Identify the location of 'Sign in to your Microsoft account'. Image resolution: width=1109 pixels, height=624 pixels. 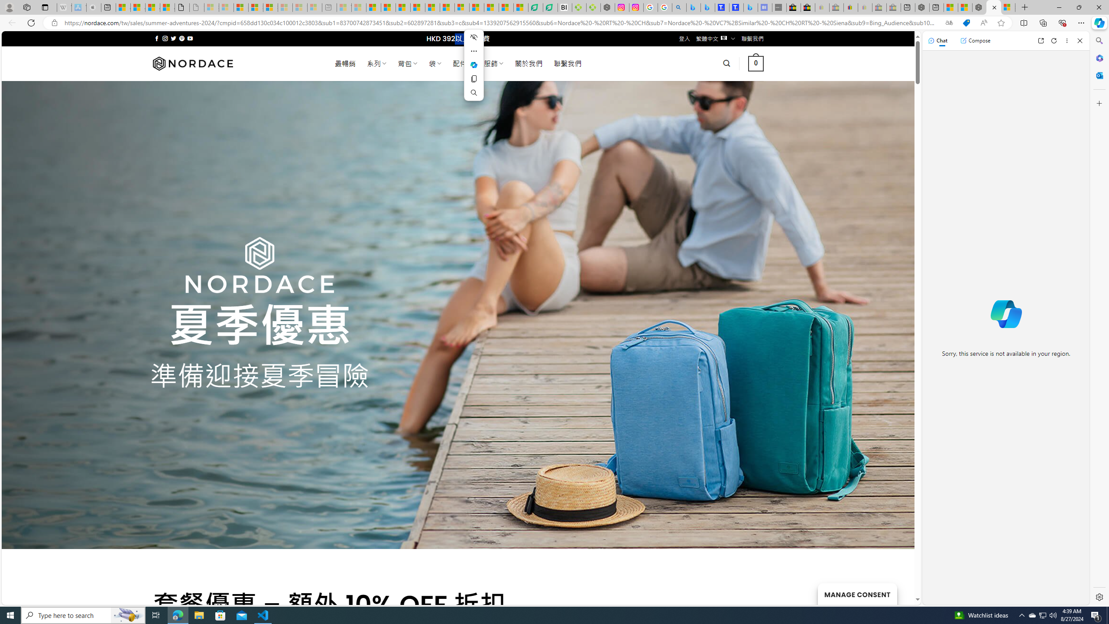
(1008, 7).